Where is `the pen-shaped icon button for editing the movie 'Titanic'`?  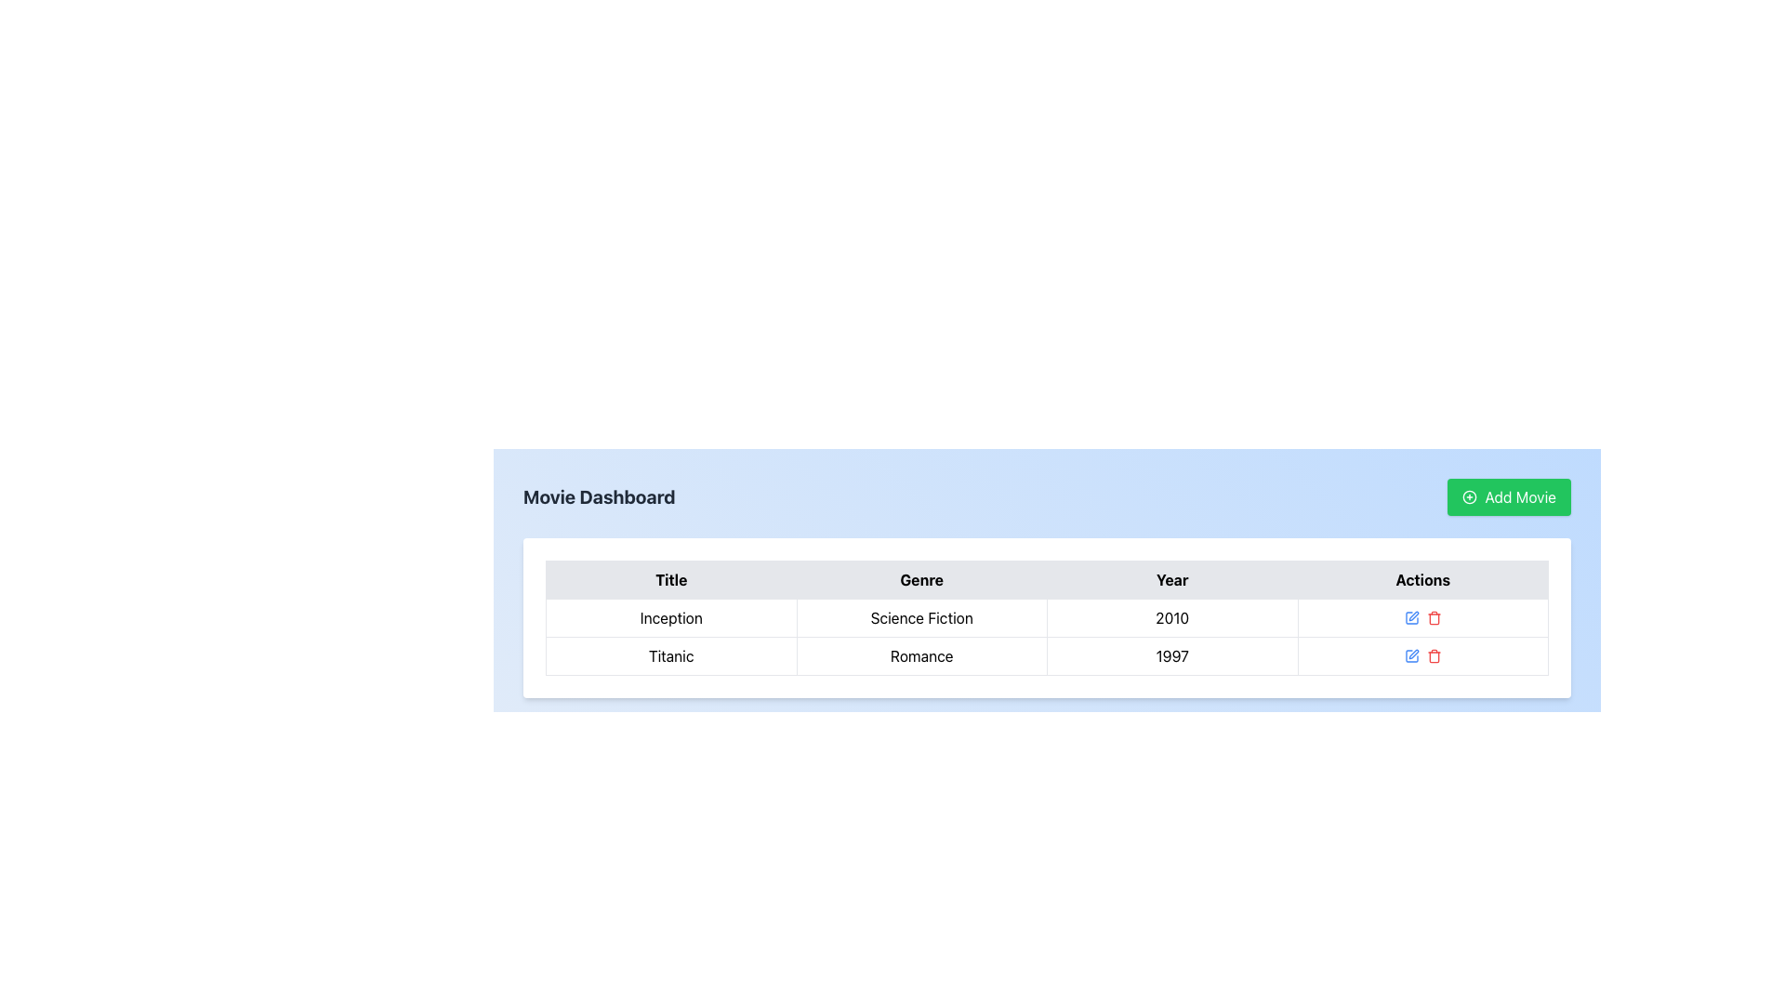
the pen-shaped icon button for editing the movie 'Titanic' is located at coordinates (1413, 654).